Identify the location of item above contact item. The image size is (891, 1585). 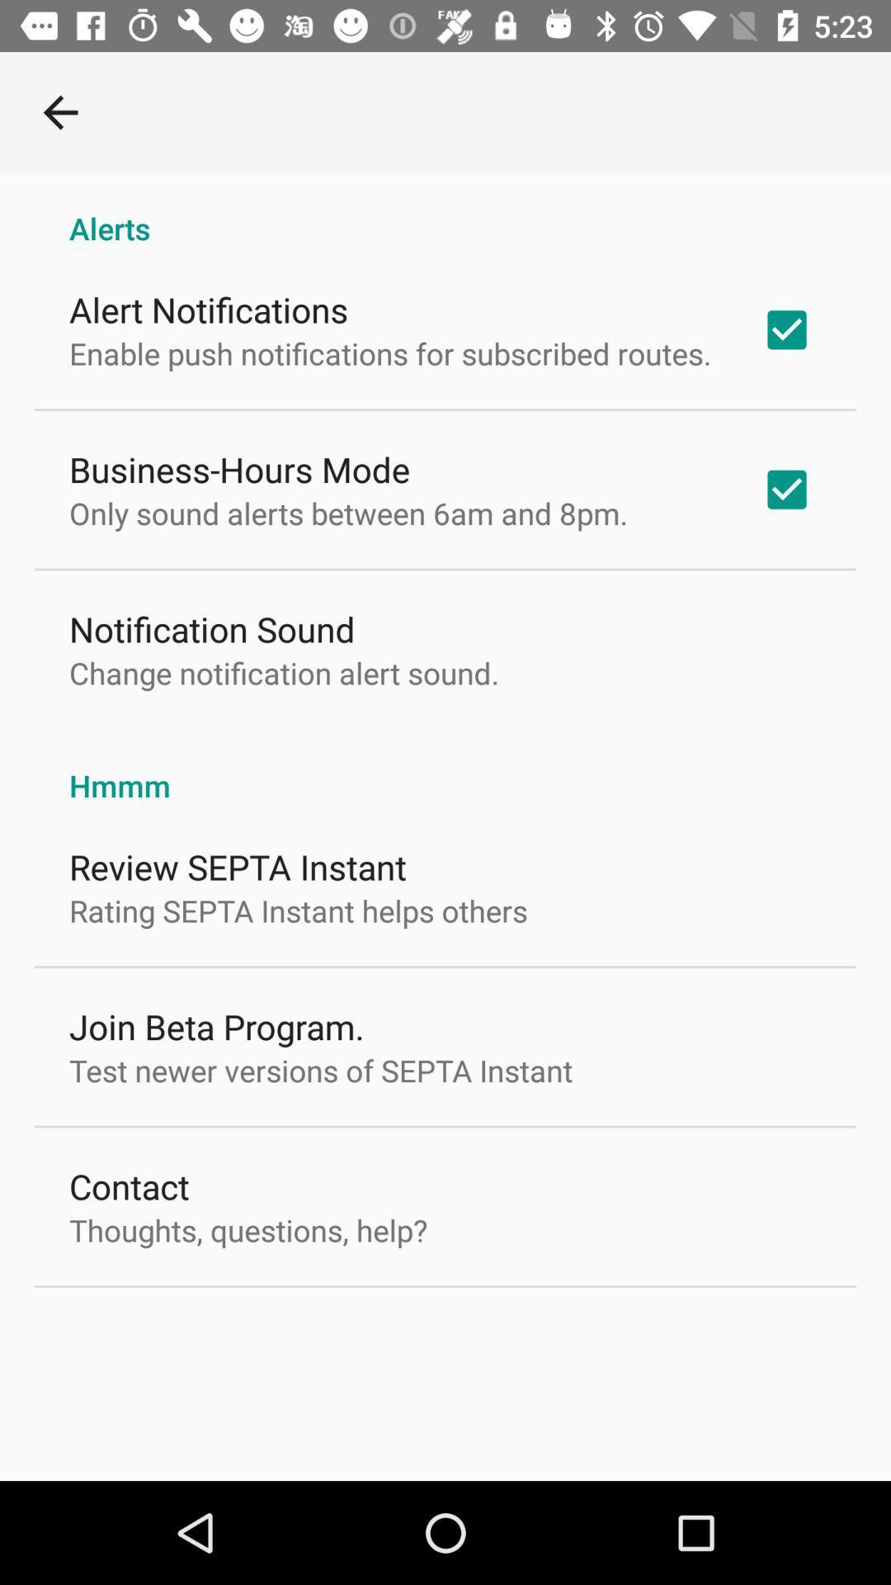
(321, 1070).